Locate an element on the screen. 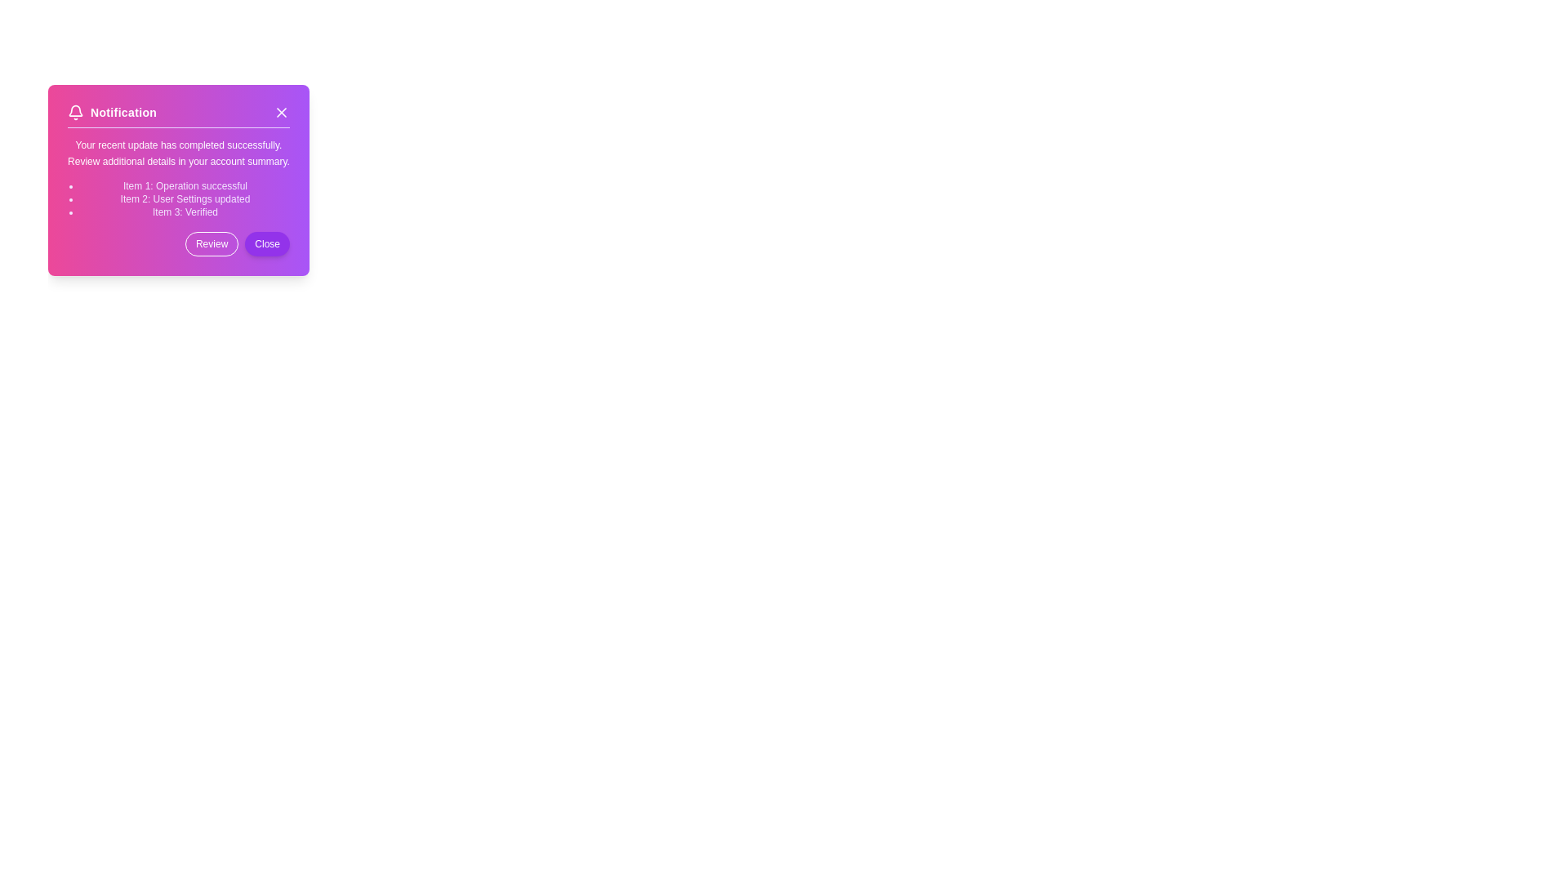 Image resolution: width=1568 pixels, height=882 pixels. the notification text indicating a successfully completed operation, located beneath the title 'Notification' in the modal is located at coordinates (185, 185).